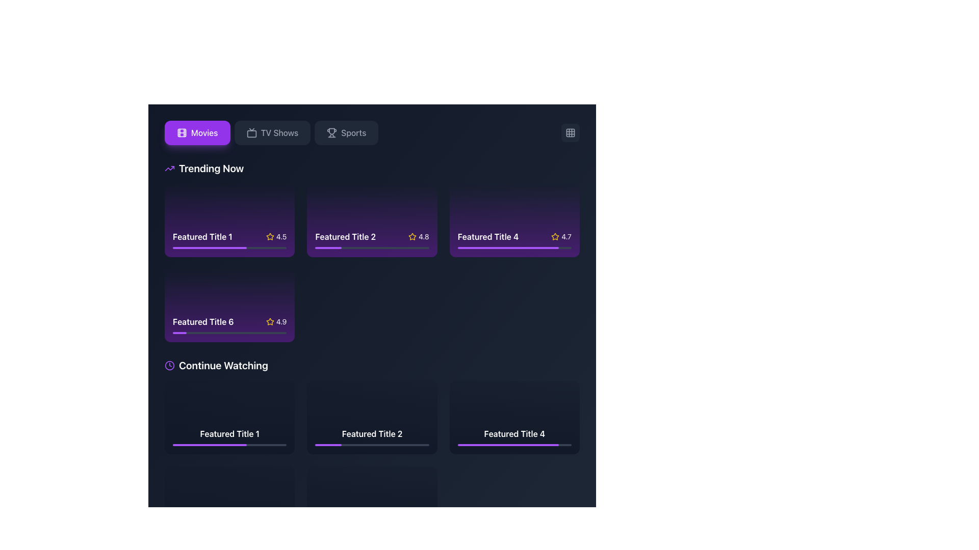  Describe the element at coordinates (229, 219) in the screenshot. I see `the purple rectangular Content Card titled 'Featured Title 1' located` at that location.